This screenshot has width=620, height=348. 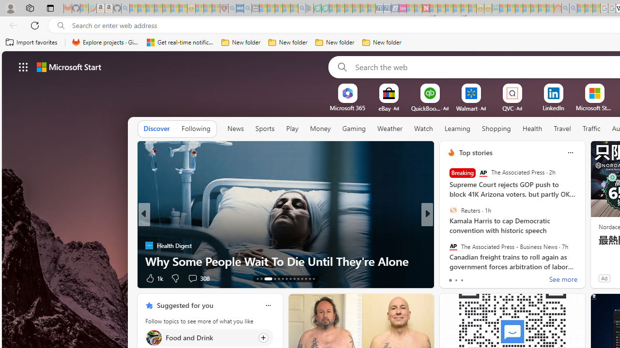 What do you see at coordinates (248, 8) in the screenshot?
I see `'utah sues federal government - Search - Sleeping'` at bounding box center [248, 8].